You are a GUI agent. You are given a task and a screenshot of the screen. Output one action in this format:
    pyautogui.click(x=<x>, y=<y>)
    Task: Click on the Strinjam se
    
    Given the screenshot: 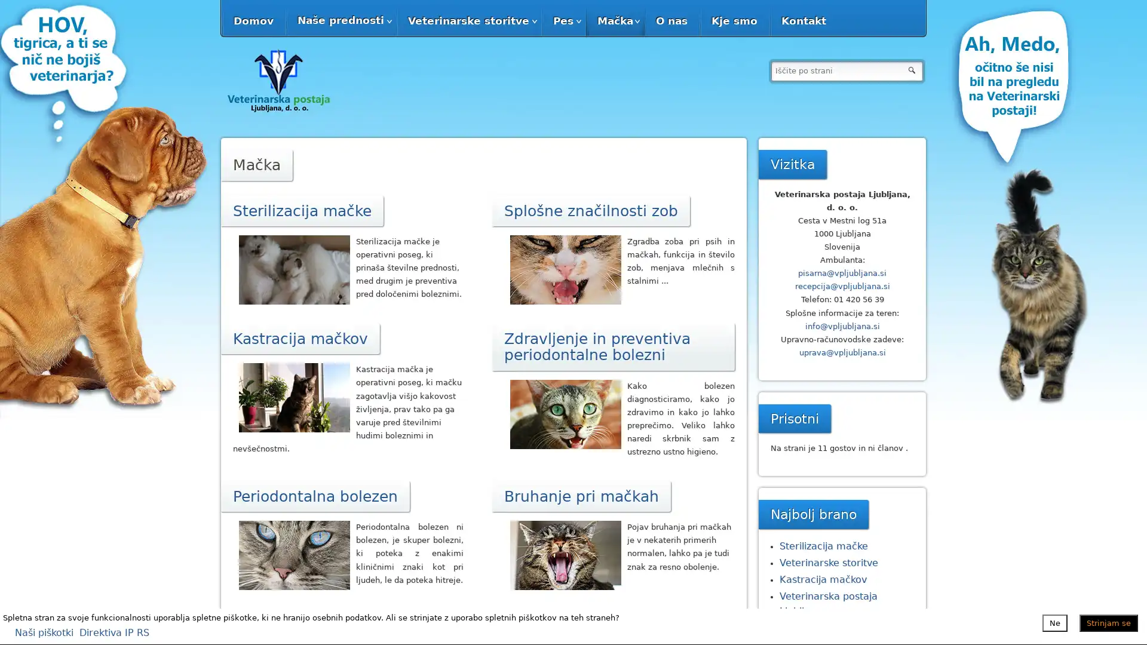 What is the action you would take?
    pyautogui.click(x=1108, y=622)
    